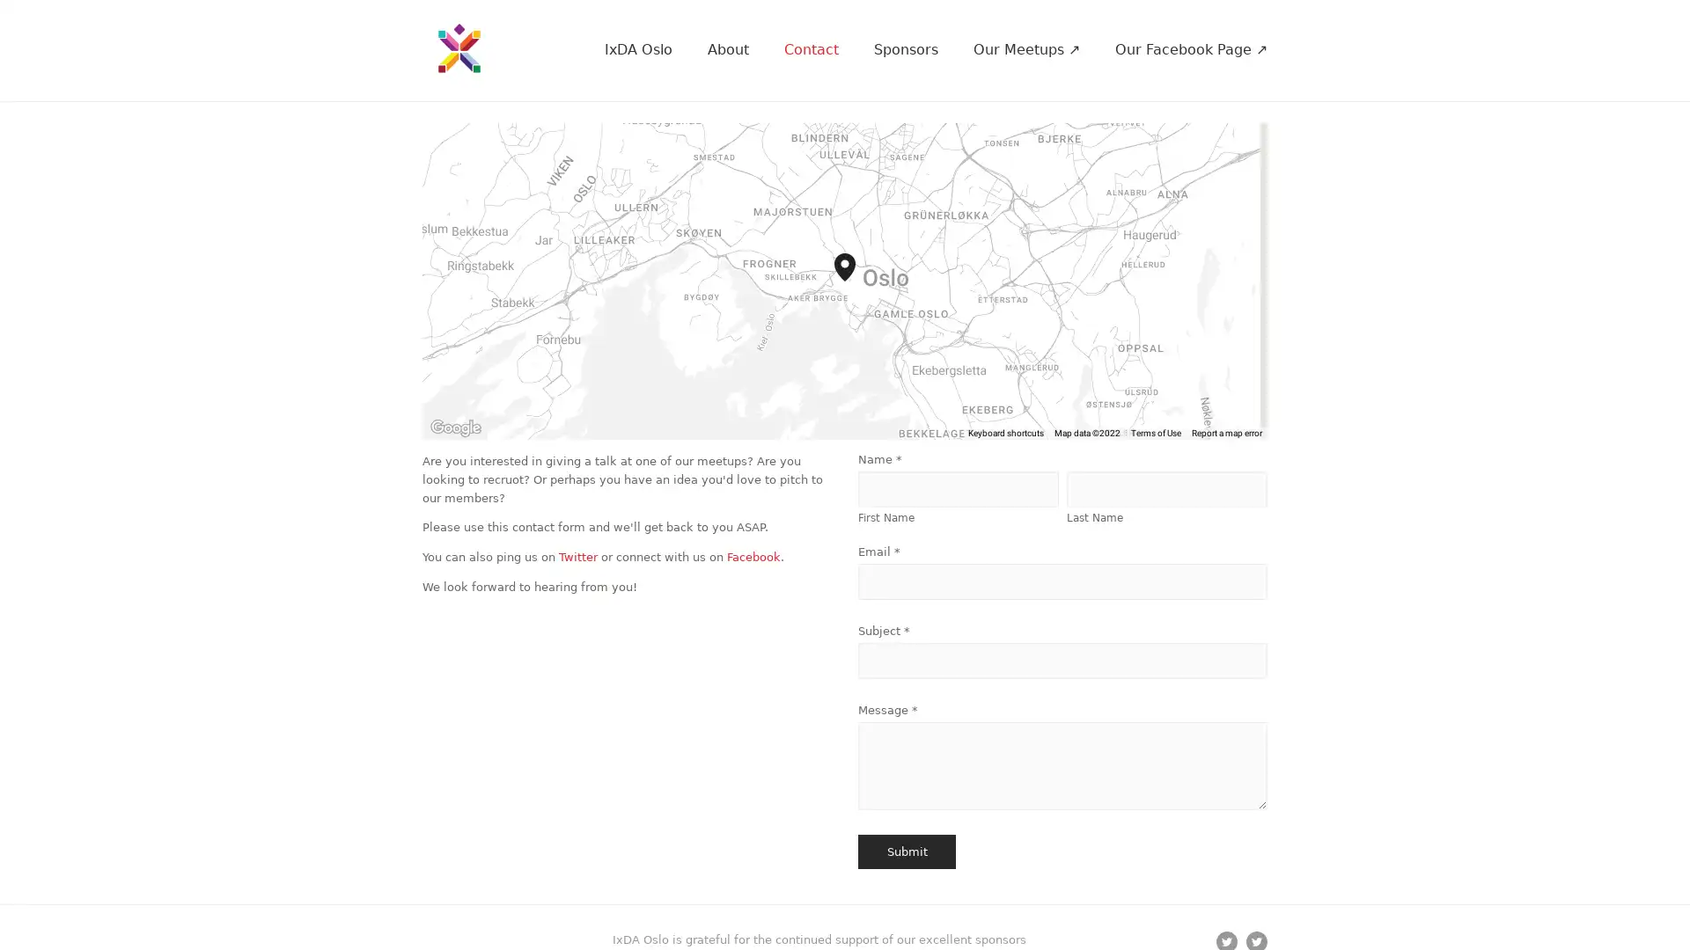 The height and width of the screenshot is (950, 1690). I want to click on Submit, so click(907, 851).